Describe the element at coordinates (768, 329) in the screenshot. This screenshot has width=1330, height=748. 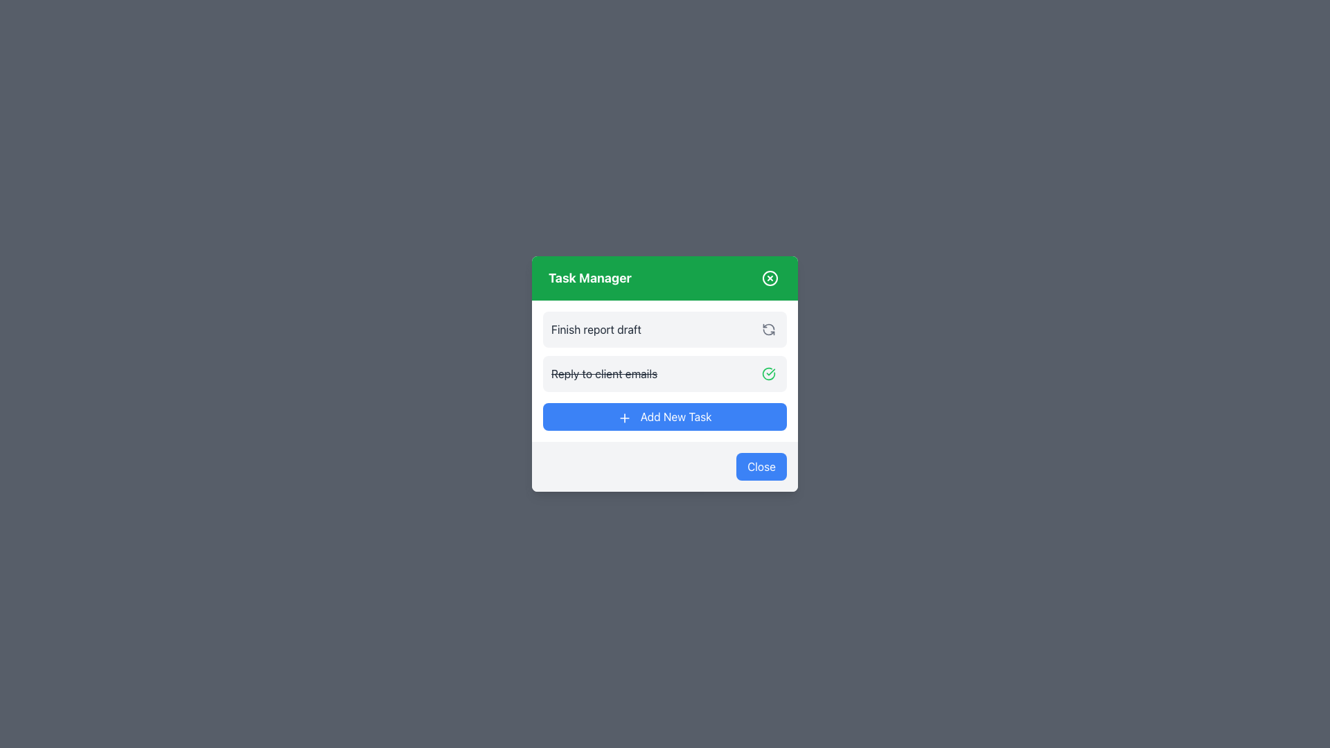
I see `the distinct circular icon/button located at the right end of the 'Finish report draft' task item row` at that location.